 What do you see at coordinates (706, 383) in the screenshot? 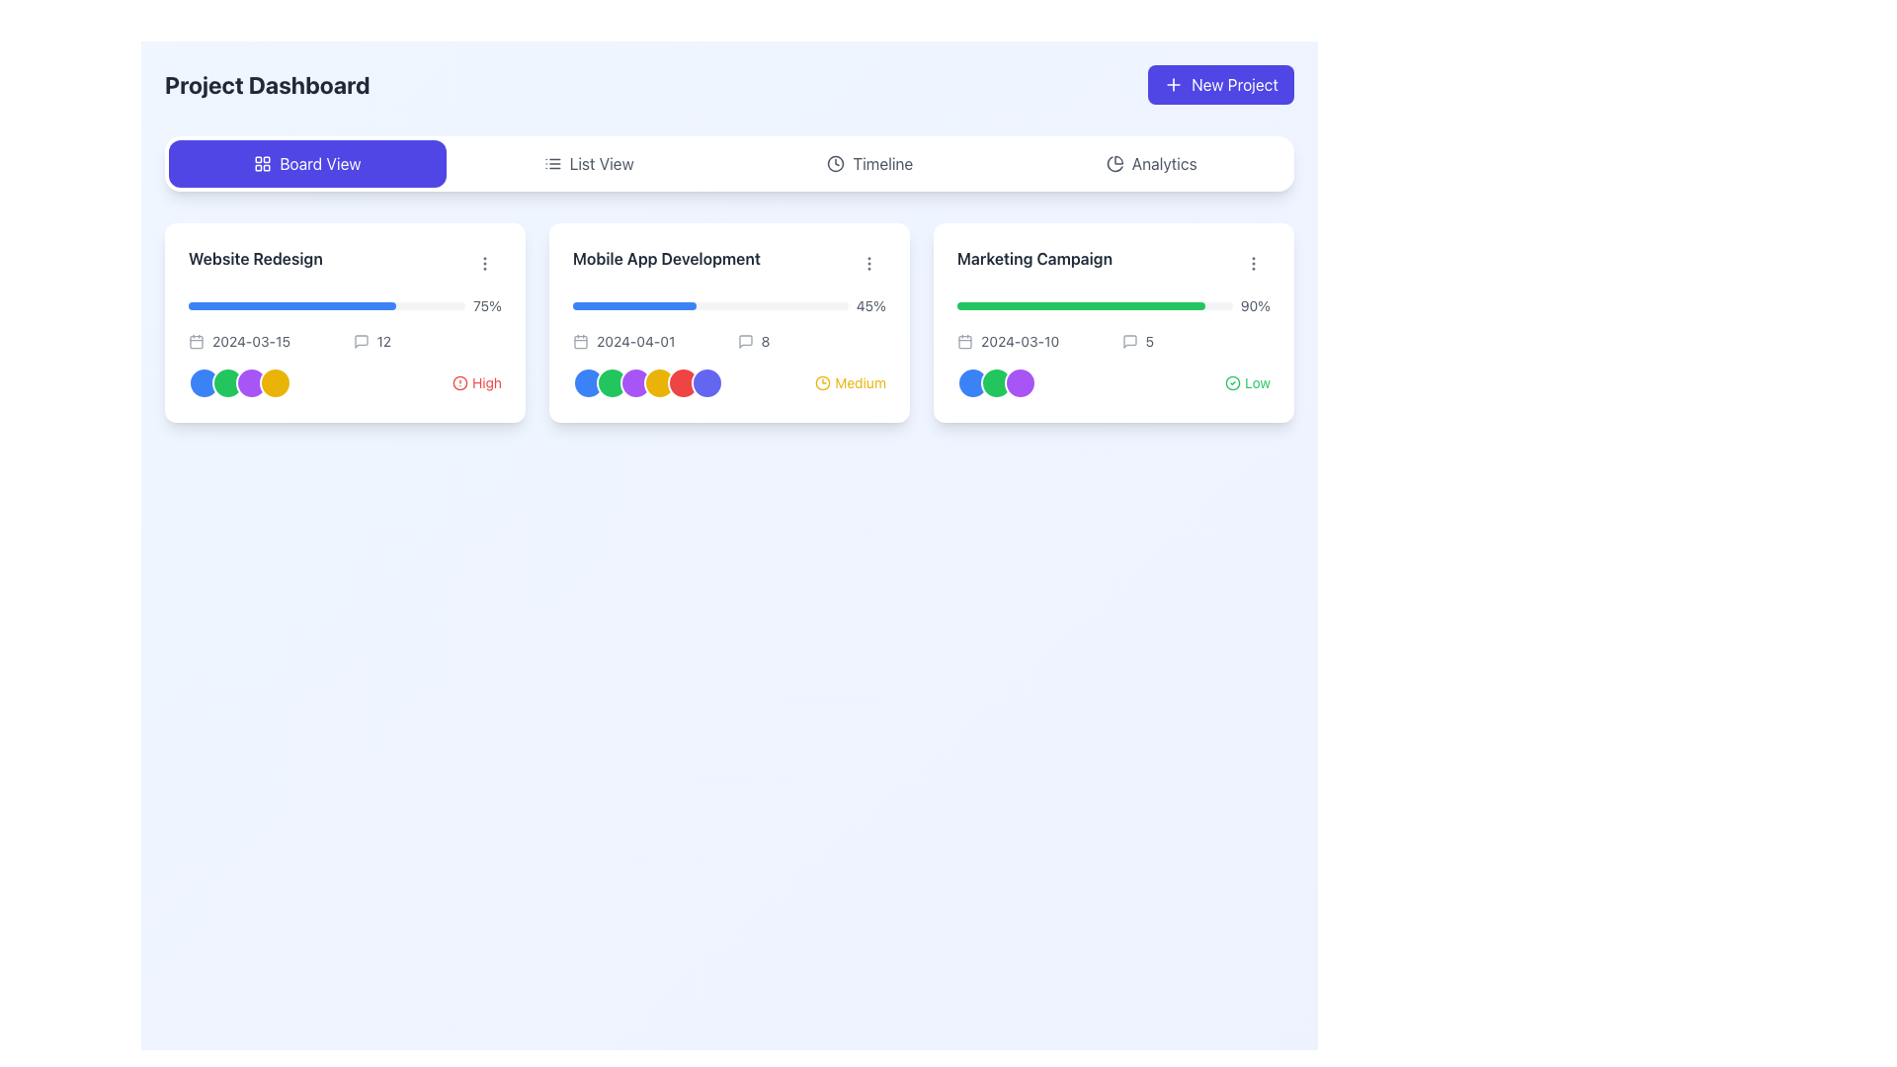
I see `the sixth circular visual indicator with a solid indigo color and a white border located at the bottom of the 'Mobile App Development' card` at bounding box center [706, 383].